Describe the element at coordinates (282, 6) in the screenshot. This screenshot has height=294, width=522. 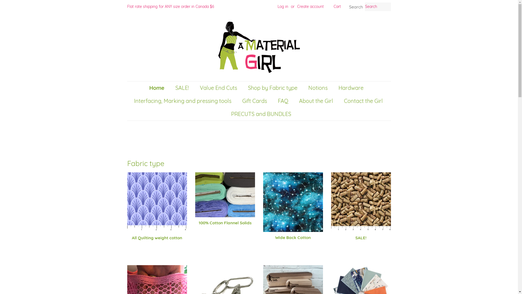
I see `'Log in'` at that location.